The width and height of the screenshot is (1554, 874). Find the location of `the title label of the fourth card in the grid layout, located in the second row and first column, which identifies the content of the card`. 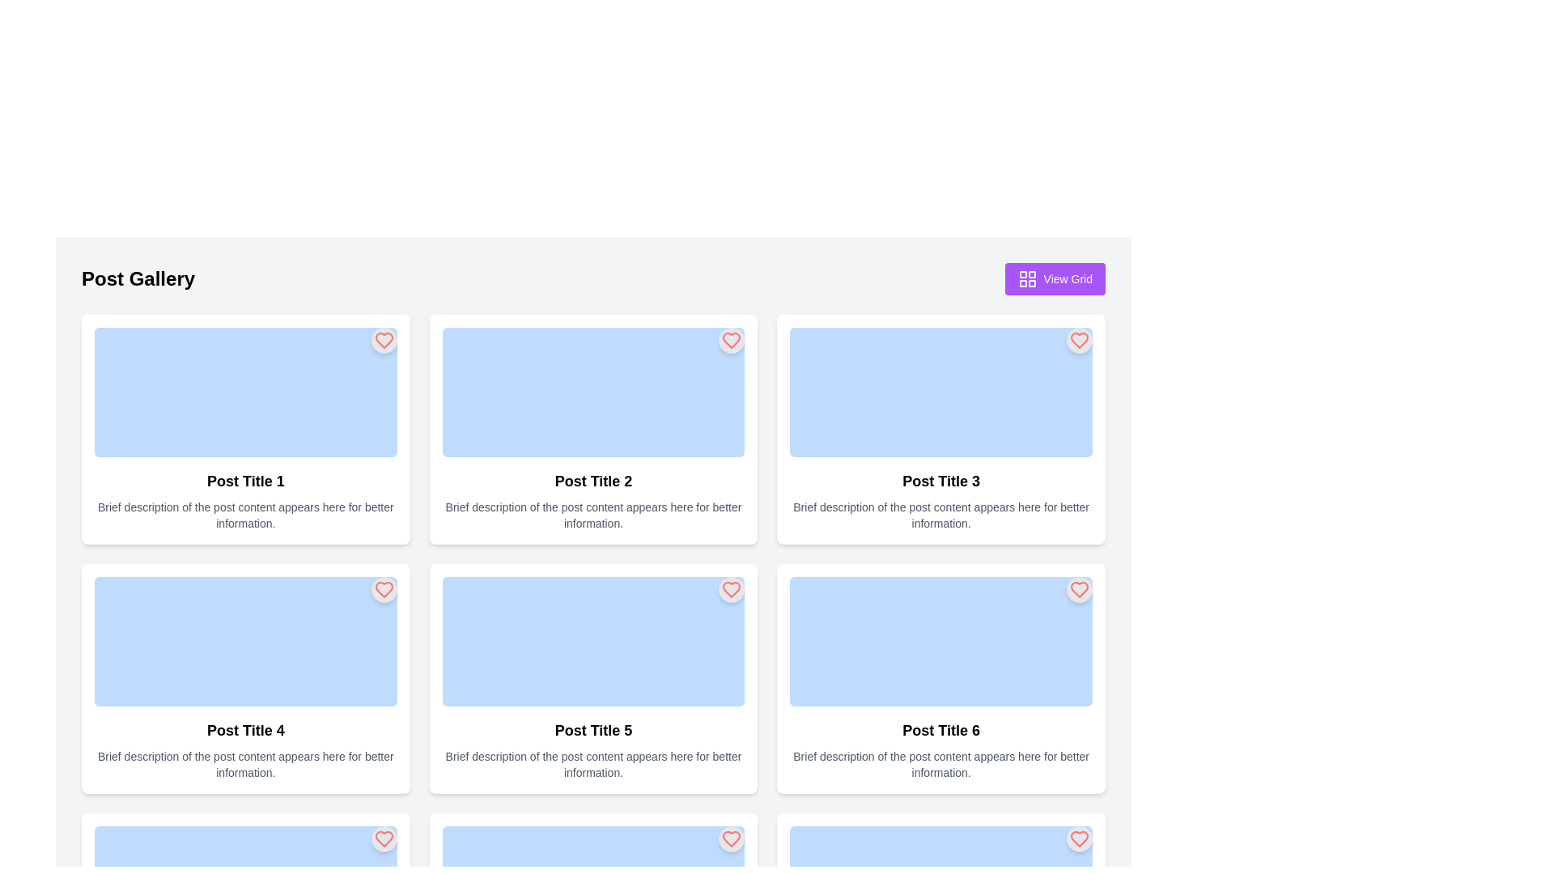

the title label of the fourth card in the grid layout, located in the second row and first column, which identifies the content of the card is located at coordinates (244, 730).